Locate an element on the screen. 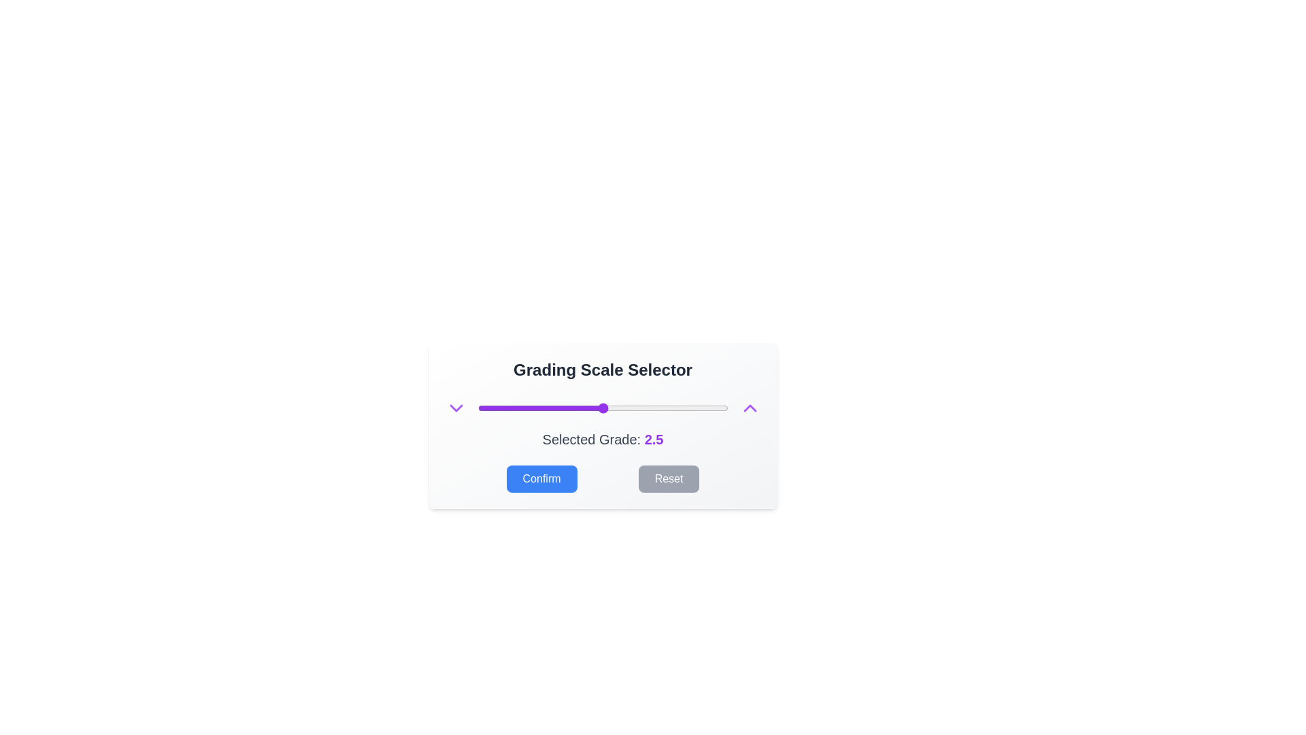  the 'Reset' button to reset the grade to its default value is located at coordinates (669, 478).